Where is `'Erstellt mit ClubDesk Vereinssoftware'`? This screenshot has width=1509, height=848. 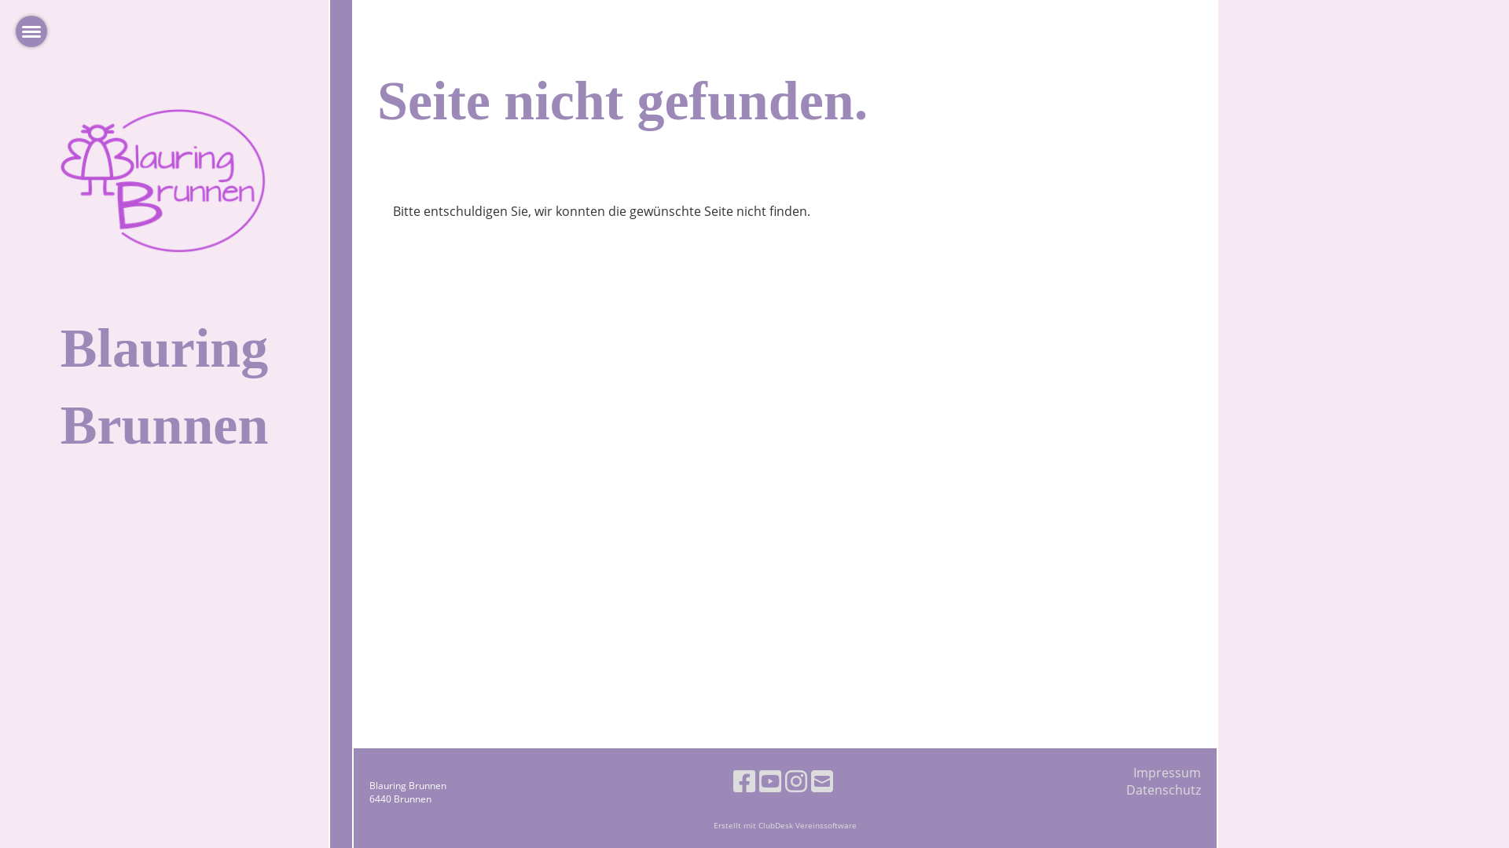 'Erstellt mit ClubDesk Vereinssoftware' is located at coordinates (784, 824).